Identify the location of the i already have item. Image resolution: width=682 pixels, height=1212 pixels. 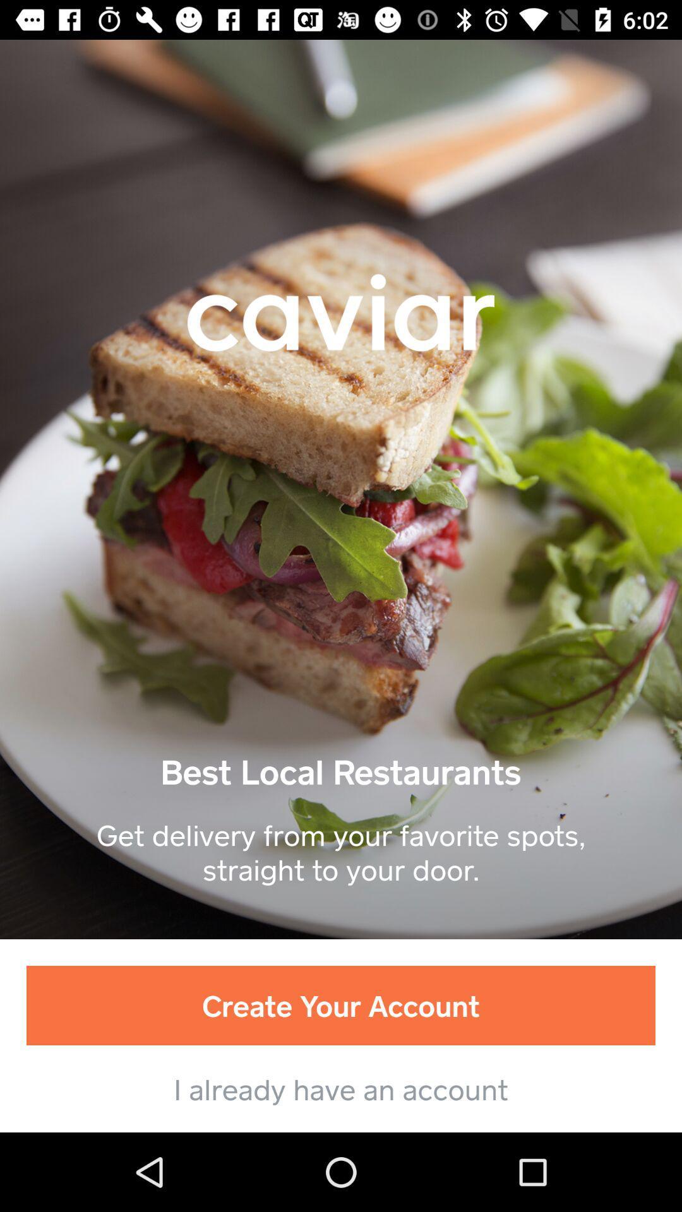
(341, 1088).